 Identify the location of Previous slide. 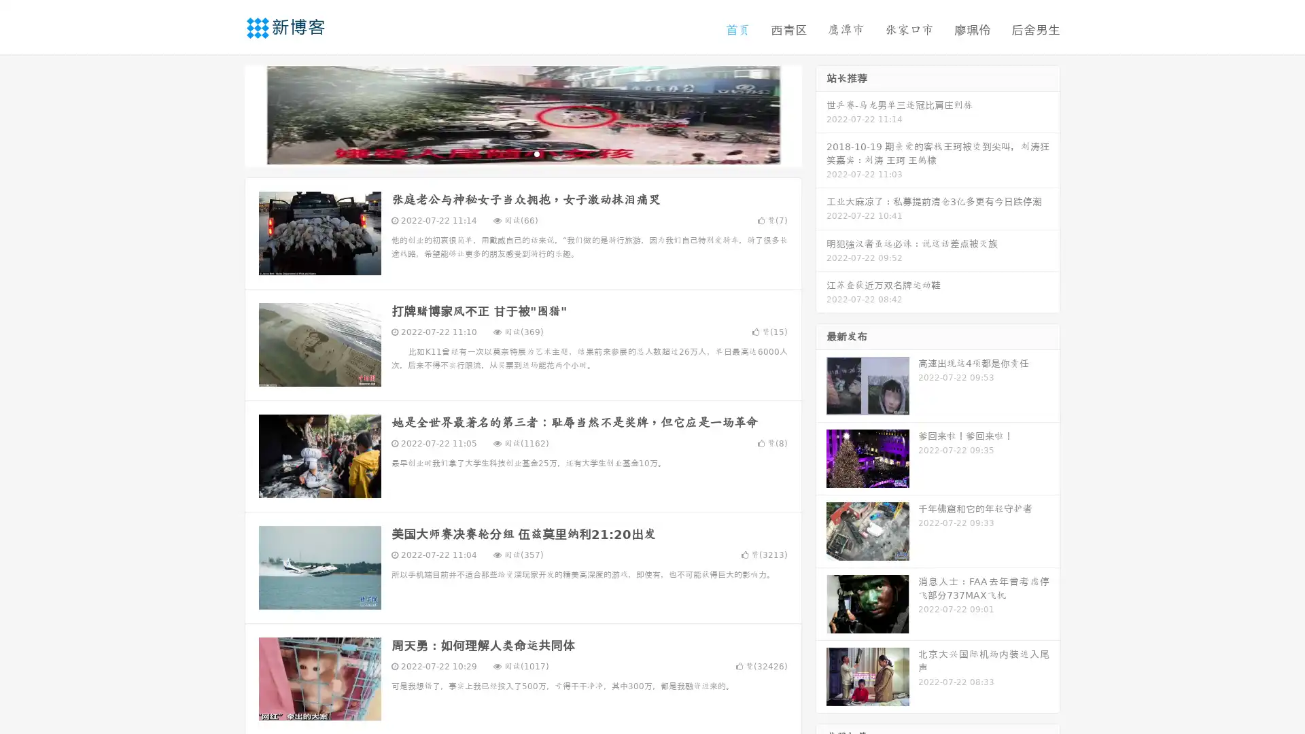
(224, 114).